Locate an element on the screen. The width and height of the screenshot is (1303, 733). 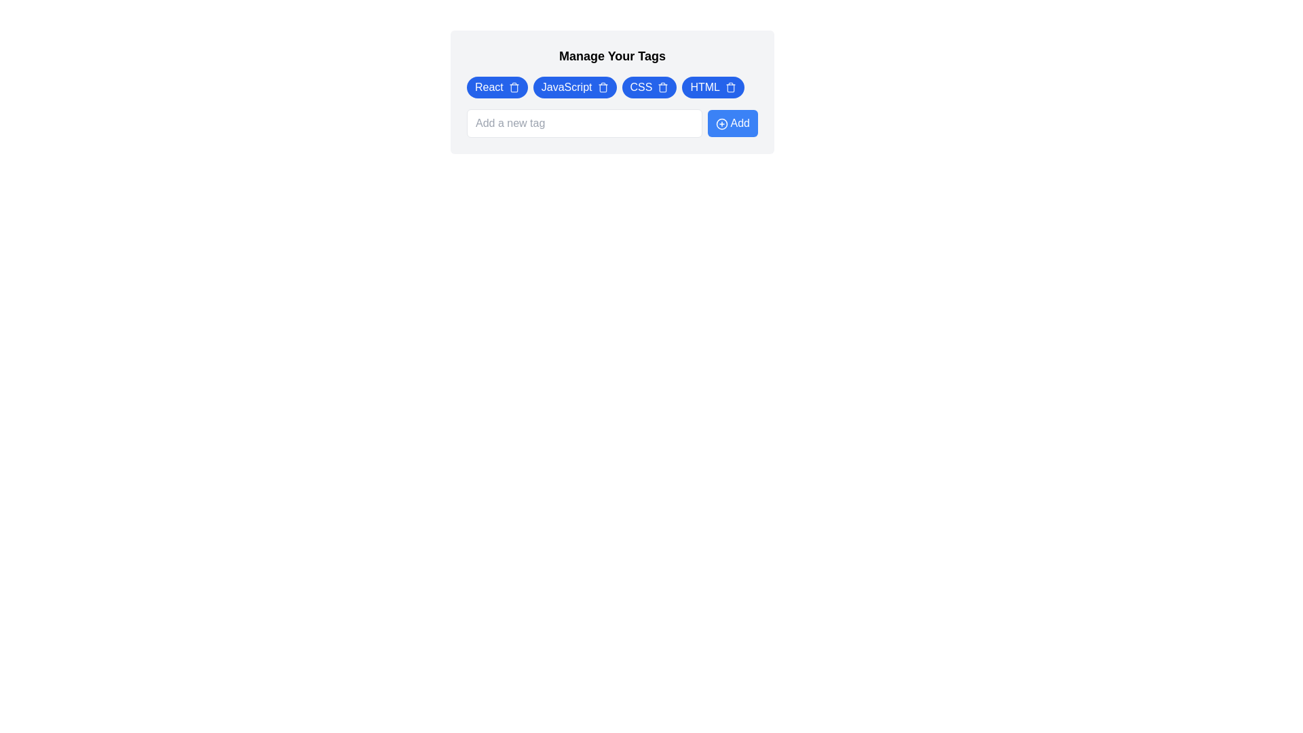
the blue button labeled 'HTML' with white text, which is the last button in the 'Manage Your Tags' section is located at coordinates (713, 87).